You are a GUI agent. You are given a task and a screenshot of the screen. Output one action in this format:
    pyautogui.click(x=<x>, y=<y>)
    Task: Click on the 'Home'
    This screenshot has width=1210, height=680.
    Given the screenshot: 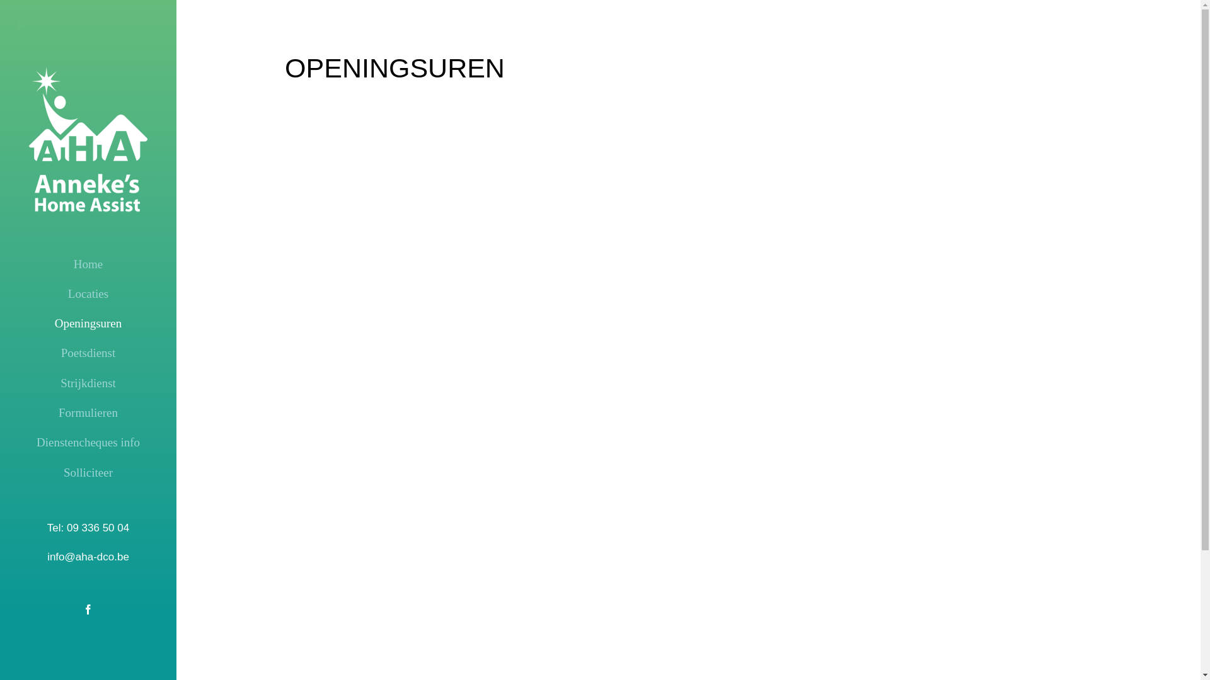 What is the action you would take?
    pyautogui.click(x=87, y=264)
    